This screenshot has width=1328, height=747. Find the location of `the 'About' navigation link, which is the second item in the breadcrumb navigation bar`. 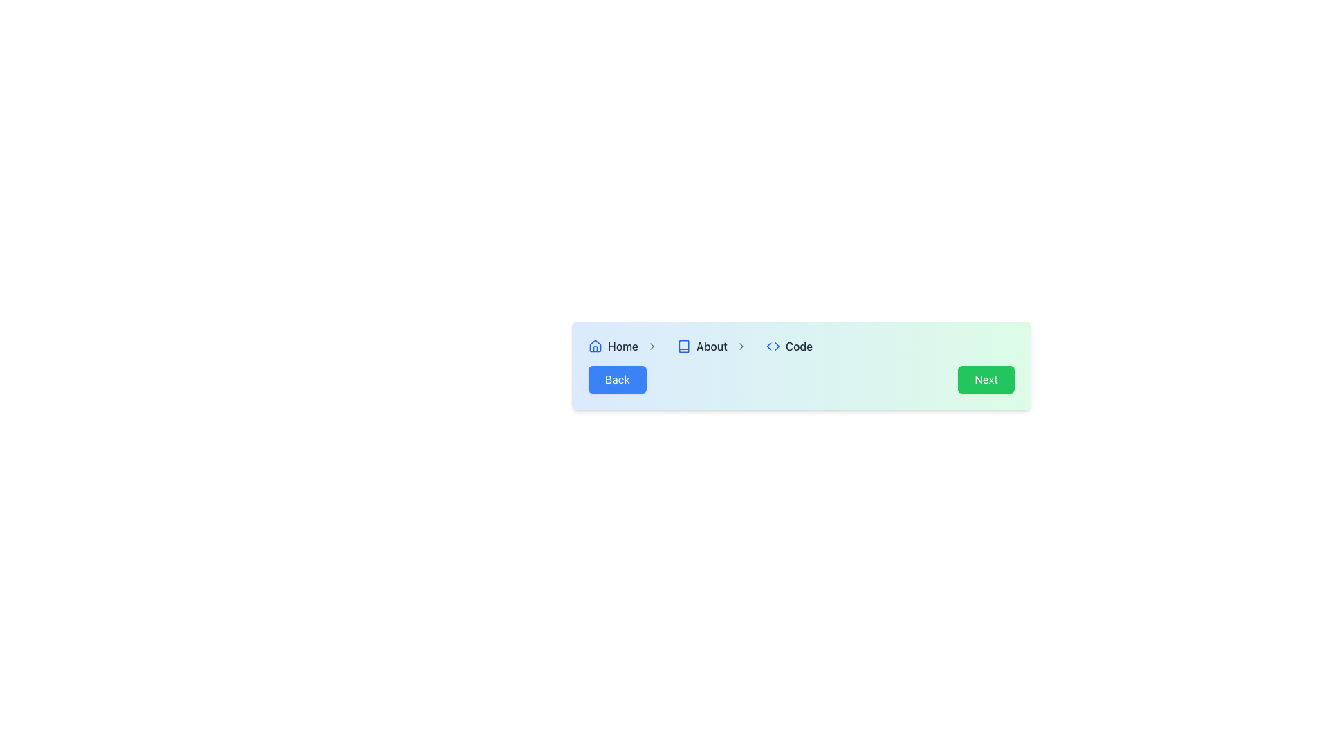

the 'About' navigation link, which is the second item in the breadcrumb navigation bar is located at coordinates (716, 346).